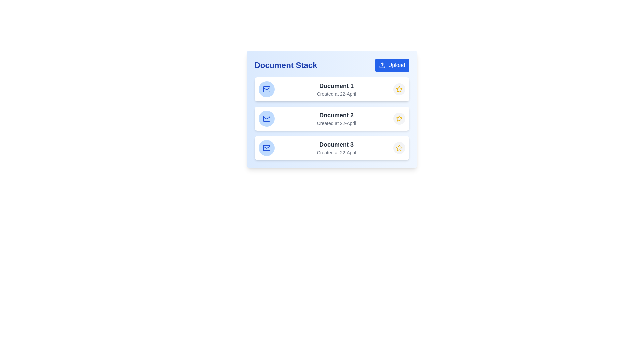  I want to click on the text label displaying 'Upload' located in the top-right corner of the interface, so click(397, 65).